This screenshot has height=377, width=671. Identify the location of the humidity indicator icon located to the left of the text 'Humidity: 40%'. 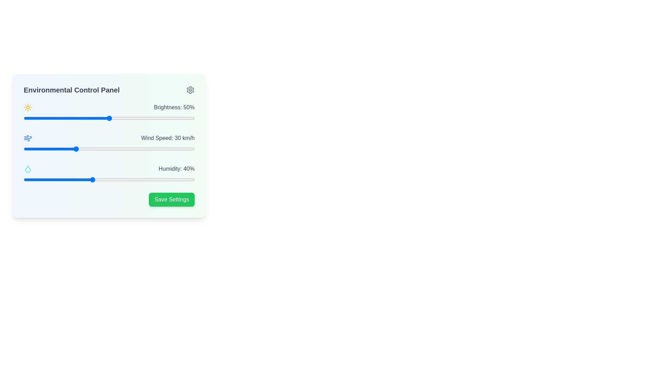
(28, 169).